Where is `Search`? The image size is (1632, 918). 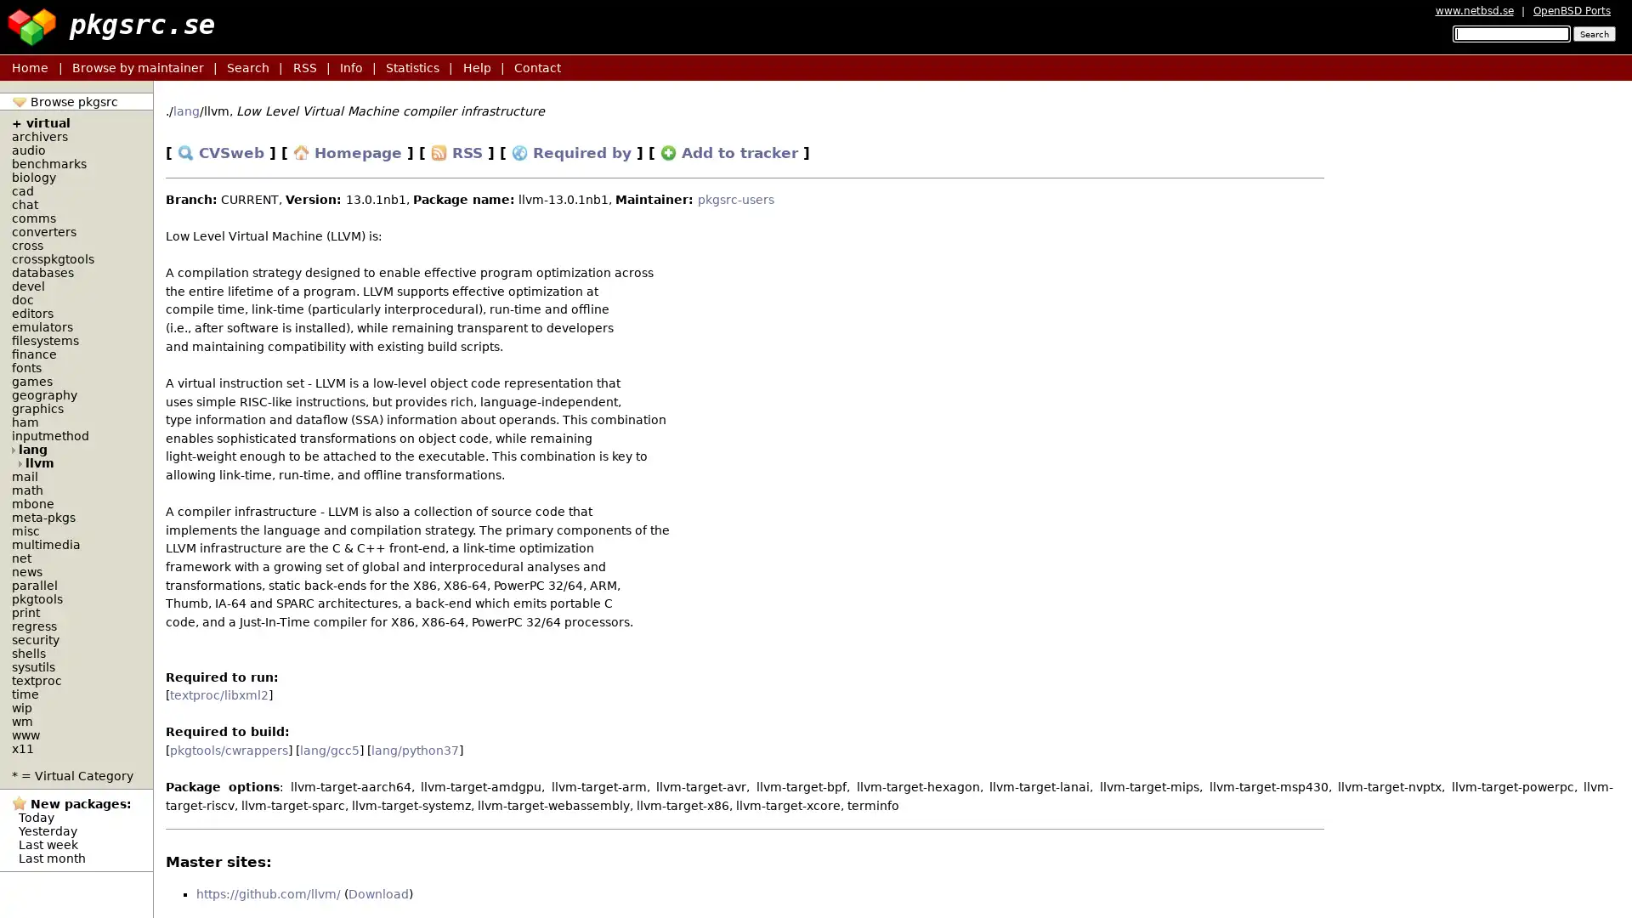 Search is located at coordinates (1593, 33).